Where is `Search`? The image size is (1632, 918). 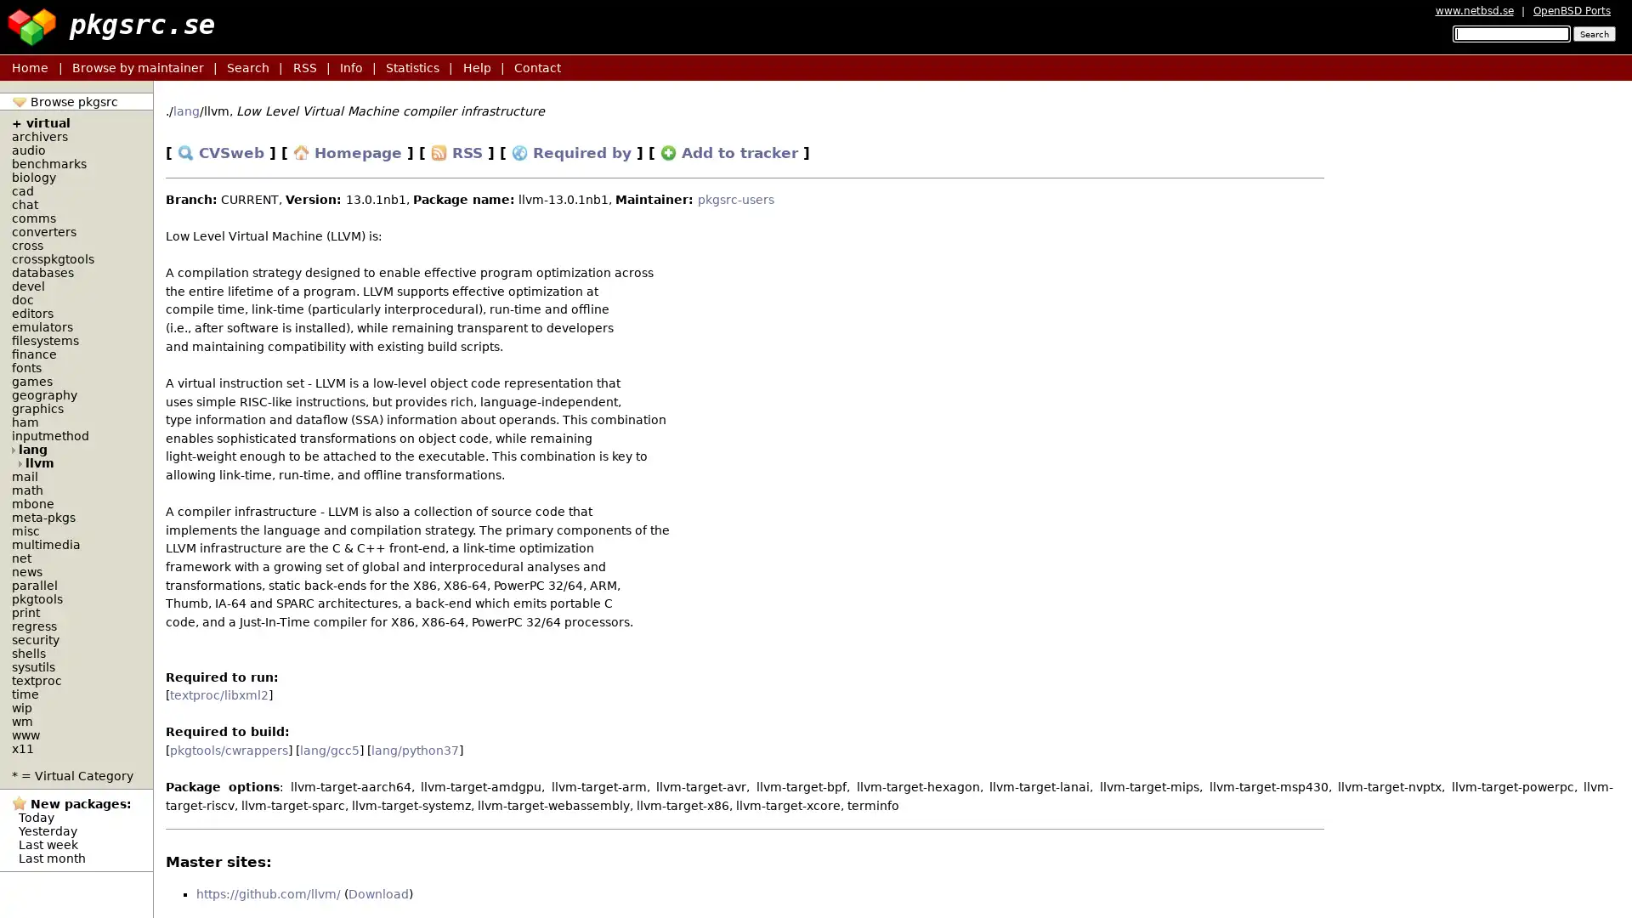 Search is located at coordinates (1593, 33).